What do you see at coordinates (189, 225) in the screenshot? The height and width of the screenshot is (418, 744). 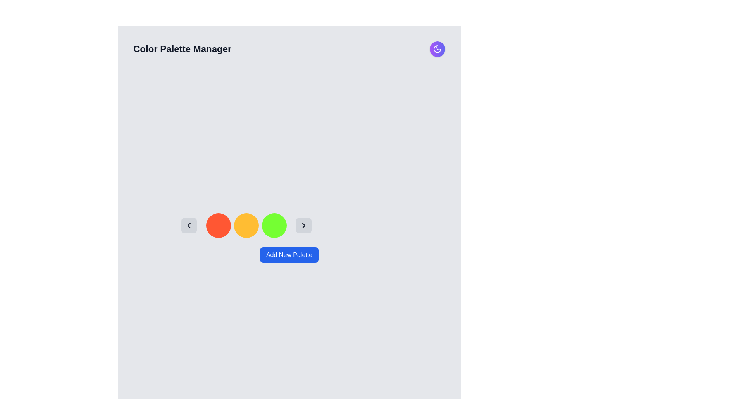 I see `the left-pointing chevron icon button` at bounding box center [189, 225].